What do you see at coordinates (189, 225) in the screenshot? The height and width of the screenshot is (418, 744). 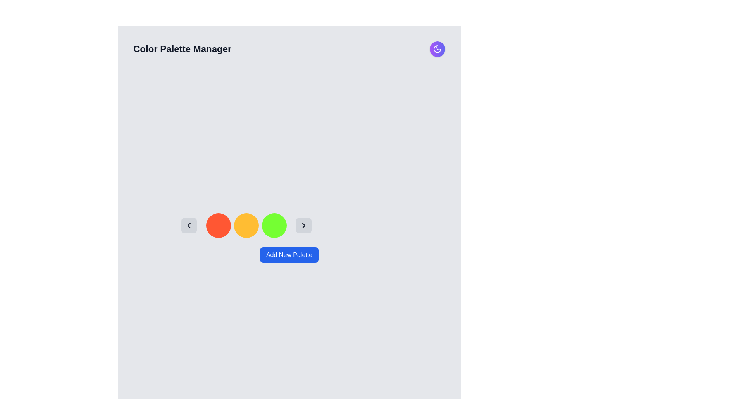 I see `the left-pointing chevron icon button` at bounding box center [189, 225].